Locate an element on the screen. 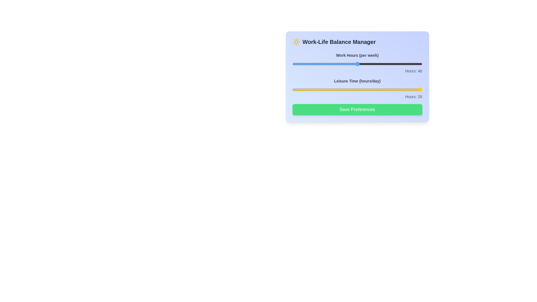 The image size is (537, 302). 'Save Preferences' button to save the current settings is located at coordinates (357, 110).